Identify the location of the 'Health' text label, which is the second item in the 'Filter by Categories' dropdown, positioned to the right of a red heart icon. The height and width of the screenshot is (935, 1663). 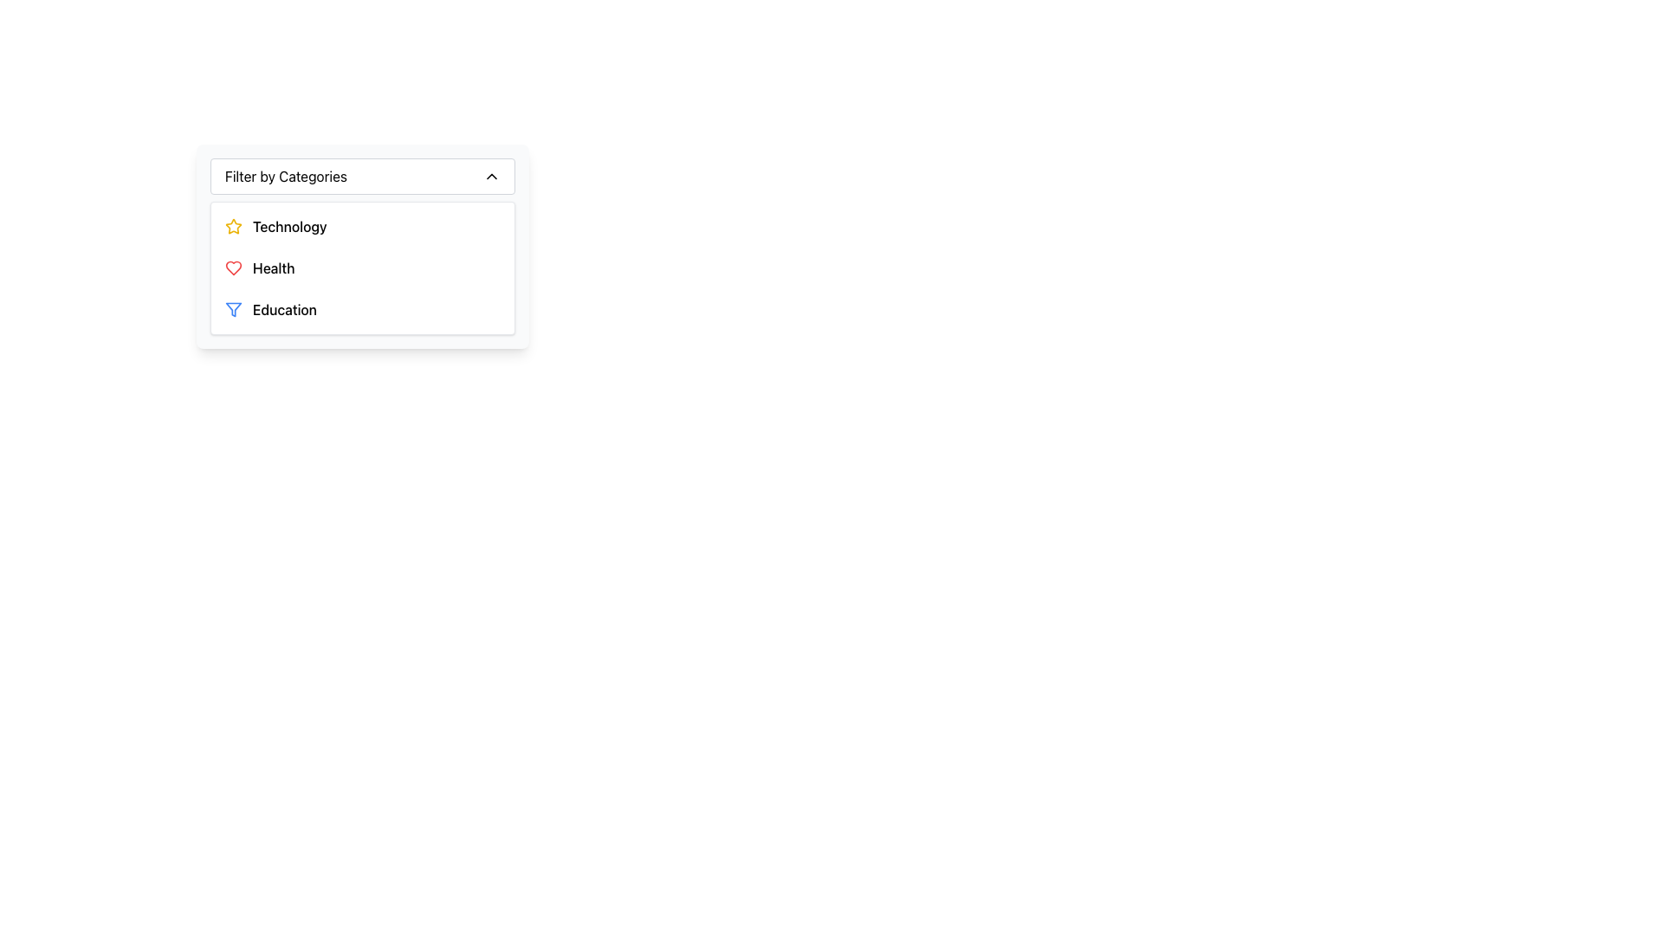
(273, 268).